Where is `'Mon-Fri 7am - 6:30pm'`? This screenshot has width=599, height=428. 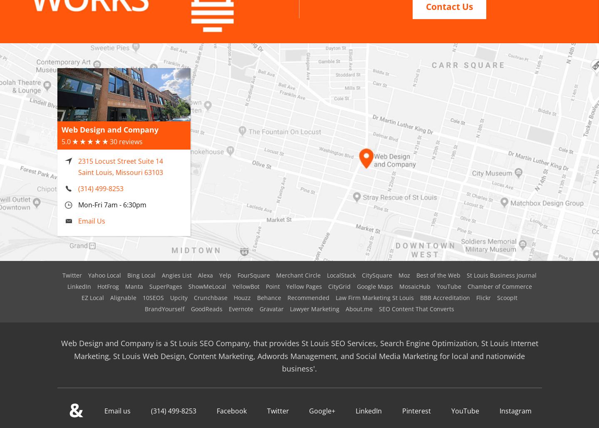
'Mon-Fri 7am - 6:30pm' is located at coordinates (78, 194).